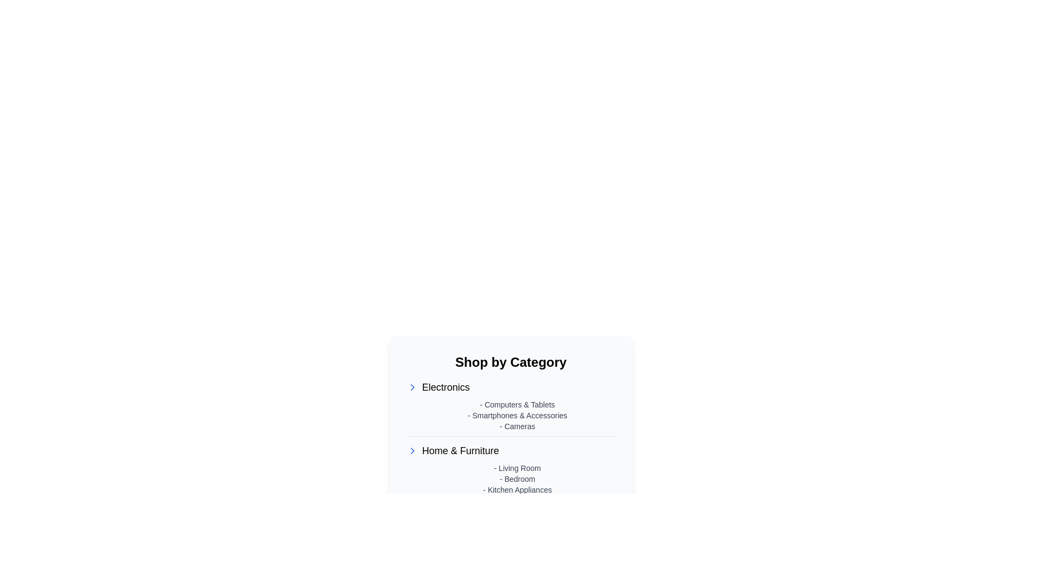  Describe the element at coordinates (517, 468) in the screenshot. I see `the 'Living Room' text label, which is the first item in the list under the 'Home & Furniture' category located below the 'Electronics' category` at that location.